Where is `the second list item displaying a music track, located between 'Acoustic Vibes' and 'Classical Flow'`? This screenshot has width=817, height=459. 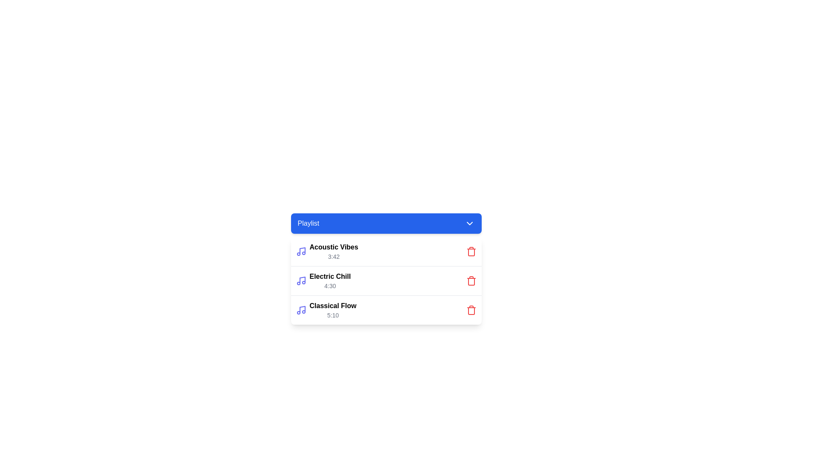 the second list item displaying a music track, located between 'Acoustic Vibes' and 'Classical Flow' is located at coordinates (323, 280).